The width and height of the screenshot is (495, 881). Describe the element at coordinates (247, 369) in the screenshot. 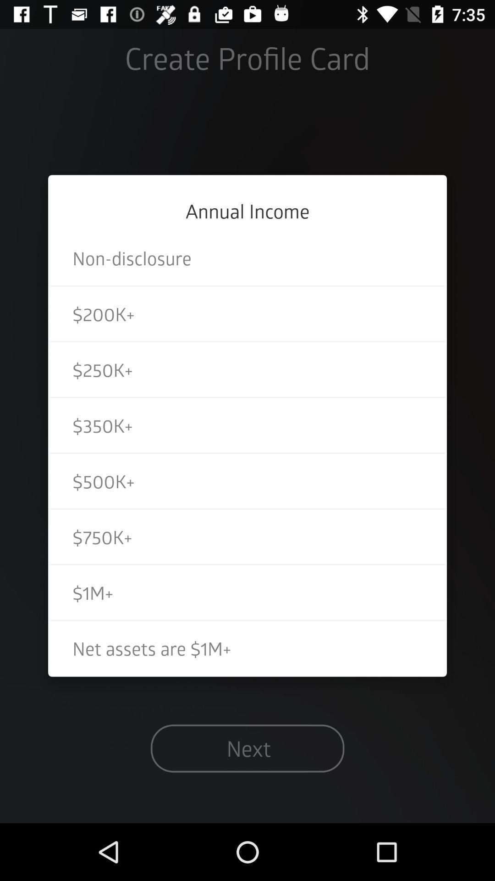

I see `the icon above the $350k+ item` at that location.